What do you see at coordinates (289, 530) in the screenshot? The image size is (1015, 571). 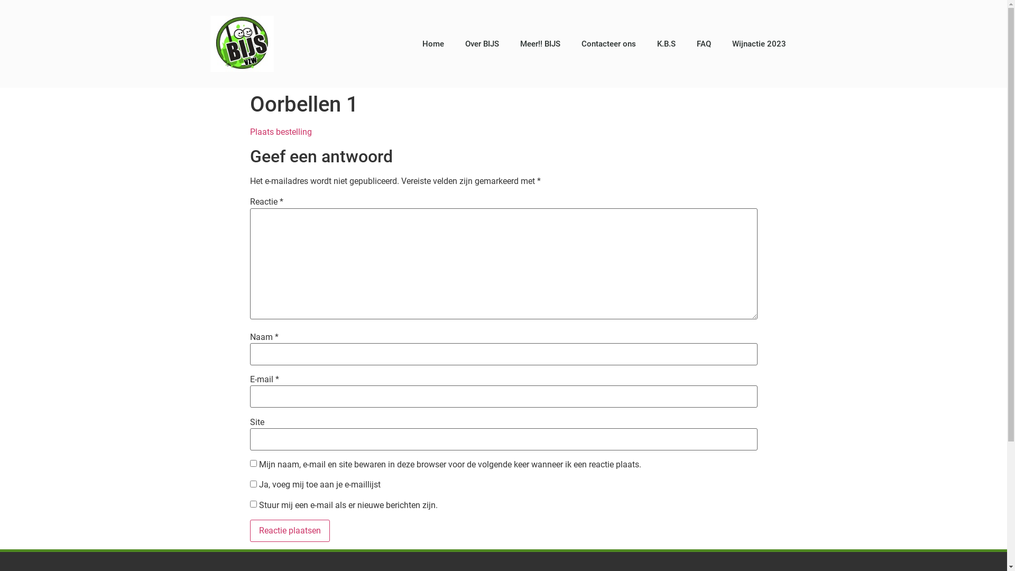 I see `'Reactie plaatsen'` at bounding box center [289, 530].